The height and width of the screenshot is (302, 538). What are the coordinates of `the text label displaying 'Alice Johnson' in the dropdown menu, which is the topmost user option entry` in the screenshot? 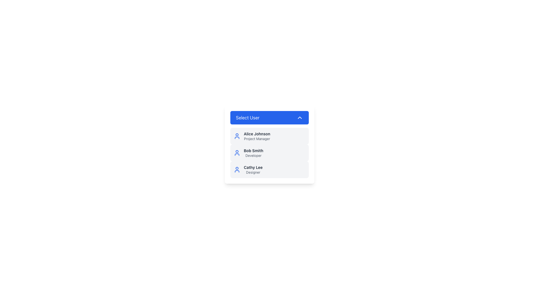 It's located at (257, 134).